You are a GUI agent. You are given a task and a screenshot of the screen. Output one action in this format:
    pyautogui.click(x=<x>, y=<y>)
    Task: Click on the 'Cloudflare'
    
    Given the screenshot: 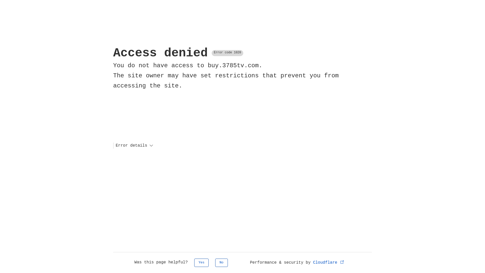 What is the action you would take?
    pyautogui.click(x=329, y=262)
    